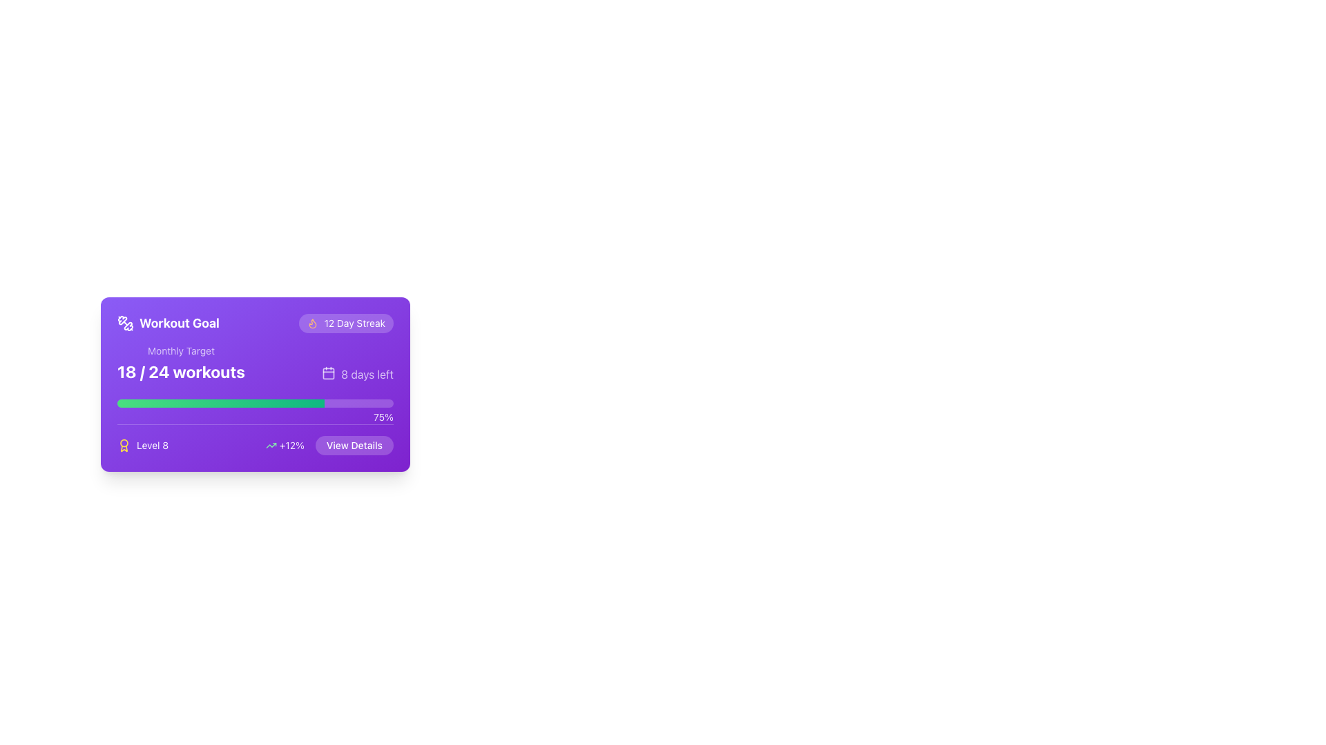 The width and height of the screenshot is (1326, 745). I want to click on the 'Workout Goal' text label, which displays in bold, white font against a purple background, positioned next to a dumbbell icon, so click(178, 324).